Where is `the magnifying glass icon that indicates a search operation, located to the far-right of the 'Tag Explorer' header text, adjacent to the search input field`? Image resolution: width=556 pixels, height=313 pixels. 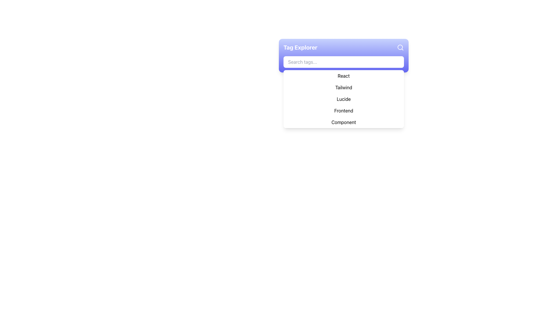 the magnifying glass icon that indicates a search operation, located to the far-right of the 'Tag Explorer' header text, adjacent to the search input field is located at coordinates (400, 47).